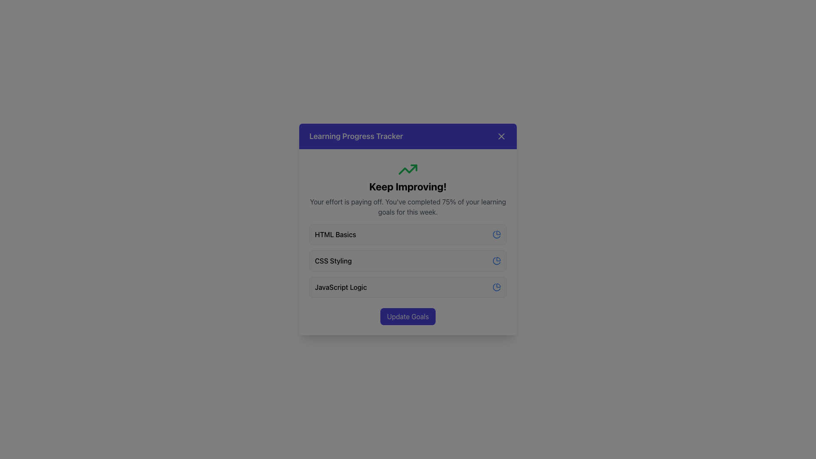  Describe the element at coordinates (335, 234) in the screenshot. I see `the text label identifying the module 'HTML Basics' located in the first card of the modal, positioned above the 'CSS Styling' and 'JavaScript Logic' cards` at that location.